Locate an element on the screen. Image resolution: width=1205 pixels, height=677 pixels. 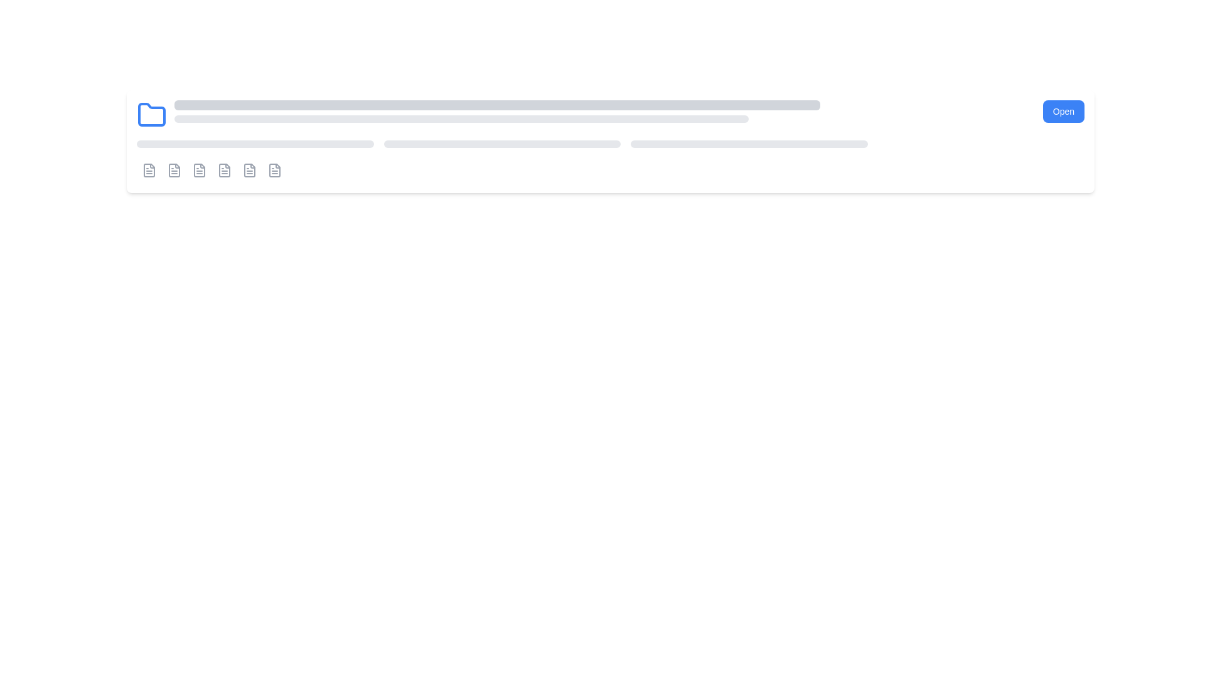
the document representation icon, which is either the third or fourth icon in a horizontal series at the bottom of the interface is located at coordinates (198, 171).